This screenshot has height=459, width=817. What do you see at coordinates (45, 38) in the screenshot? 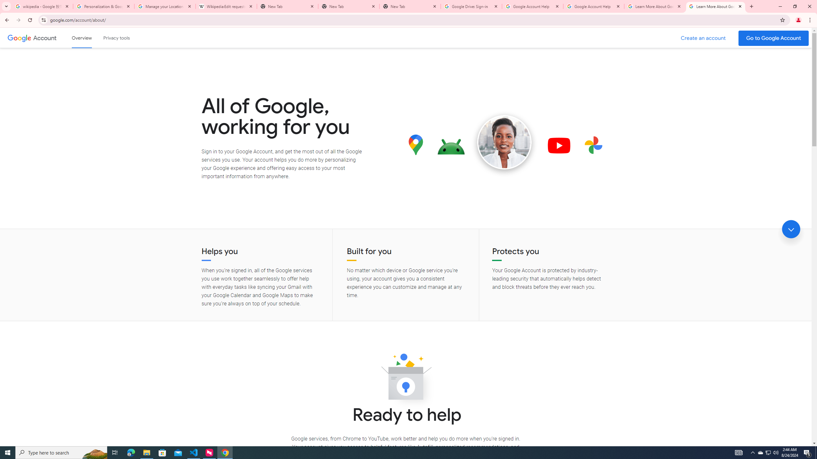
I see `'Google Account'` at bounding box center [45, 38].